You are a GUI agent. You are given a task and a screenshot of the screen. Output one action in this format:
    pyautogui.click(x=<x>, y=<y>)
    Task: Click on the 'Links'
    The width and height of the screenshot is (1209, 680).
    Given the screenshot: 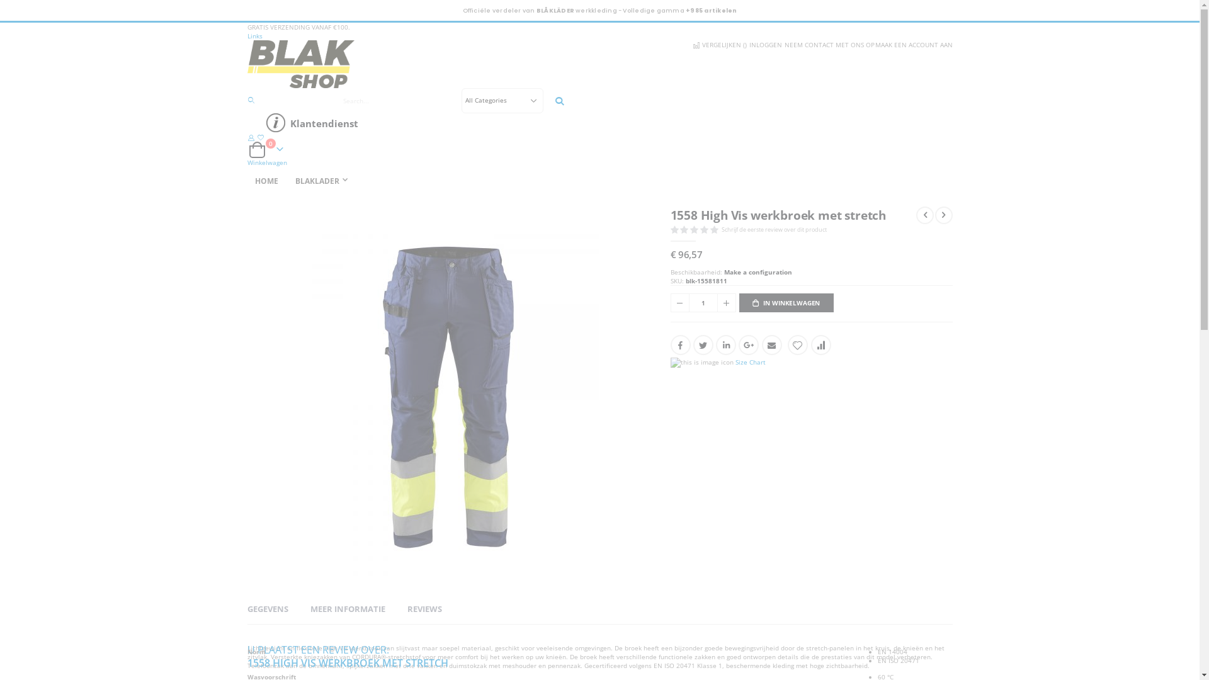 What is the action you would take?
    pyautogui.click(x=247, y=35)
    